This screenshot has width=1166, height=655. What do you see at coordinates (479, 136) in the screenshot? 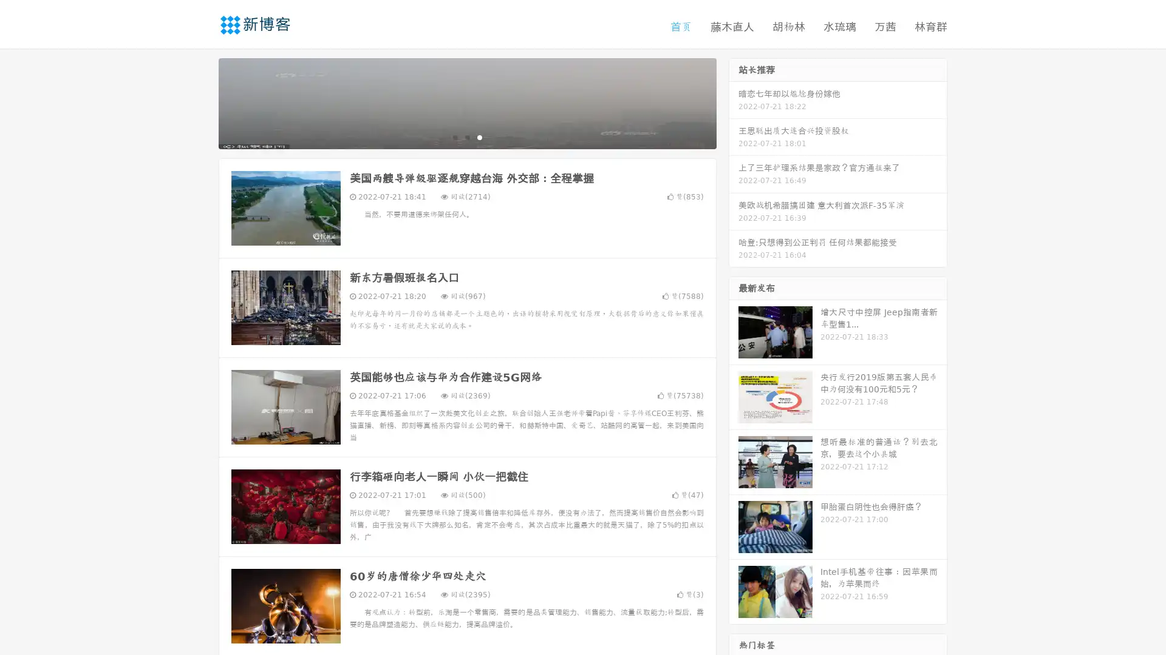
I see `Go to slide 3` at bounding box center [479, 136].